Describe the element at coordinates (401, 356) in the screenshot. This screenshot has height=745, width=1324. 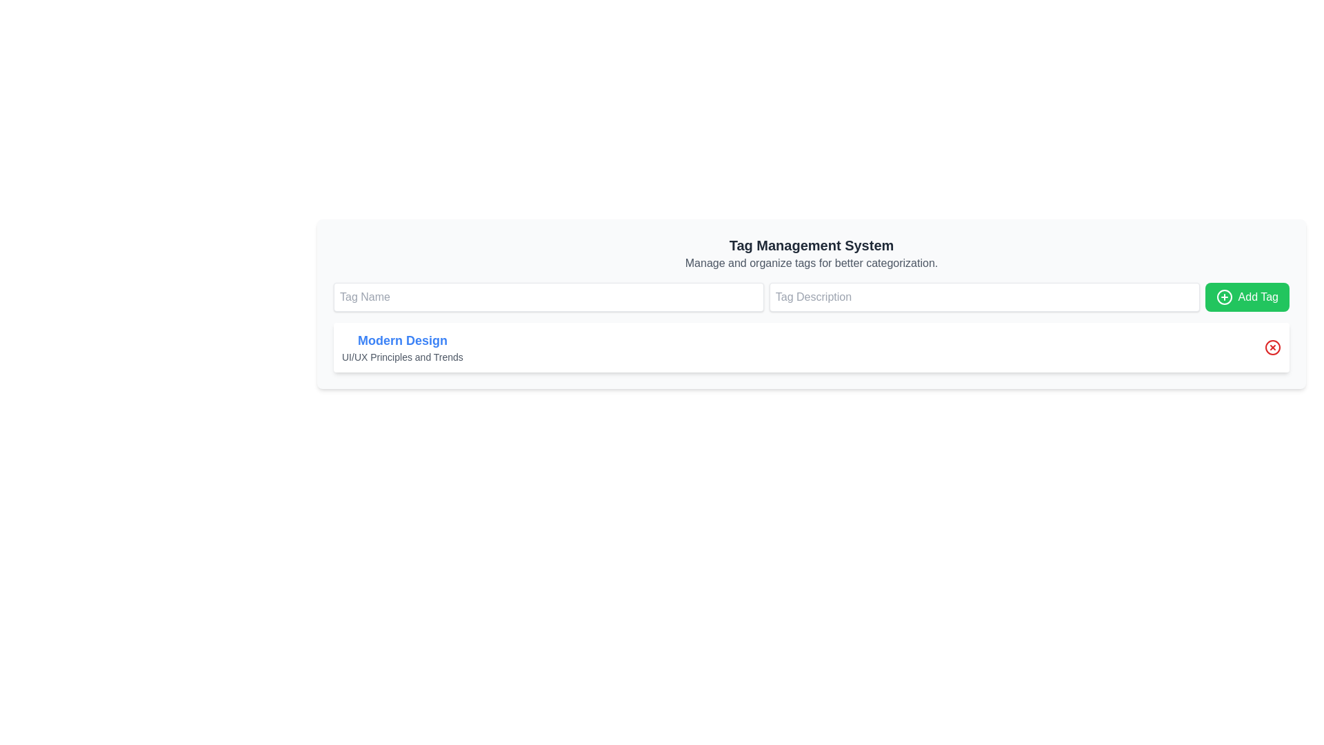
I see `the text label that reads 'UI/UX Principles and Trends', which is styled in small gray font and positioned below the bold blue title 'Modern Design'` at that location.